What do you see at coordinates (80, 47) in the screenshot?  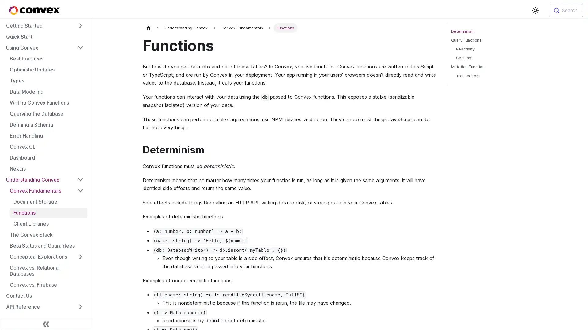 I see `Toggle the collapsible sidebar category 'Using Convex'` at bounding box center [80, 47].